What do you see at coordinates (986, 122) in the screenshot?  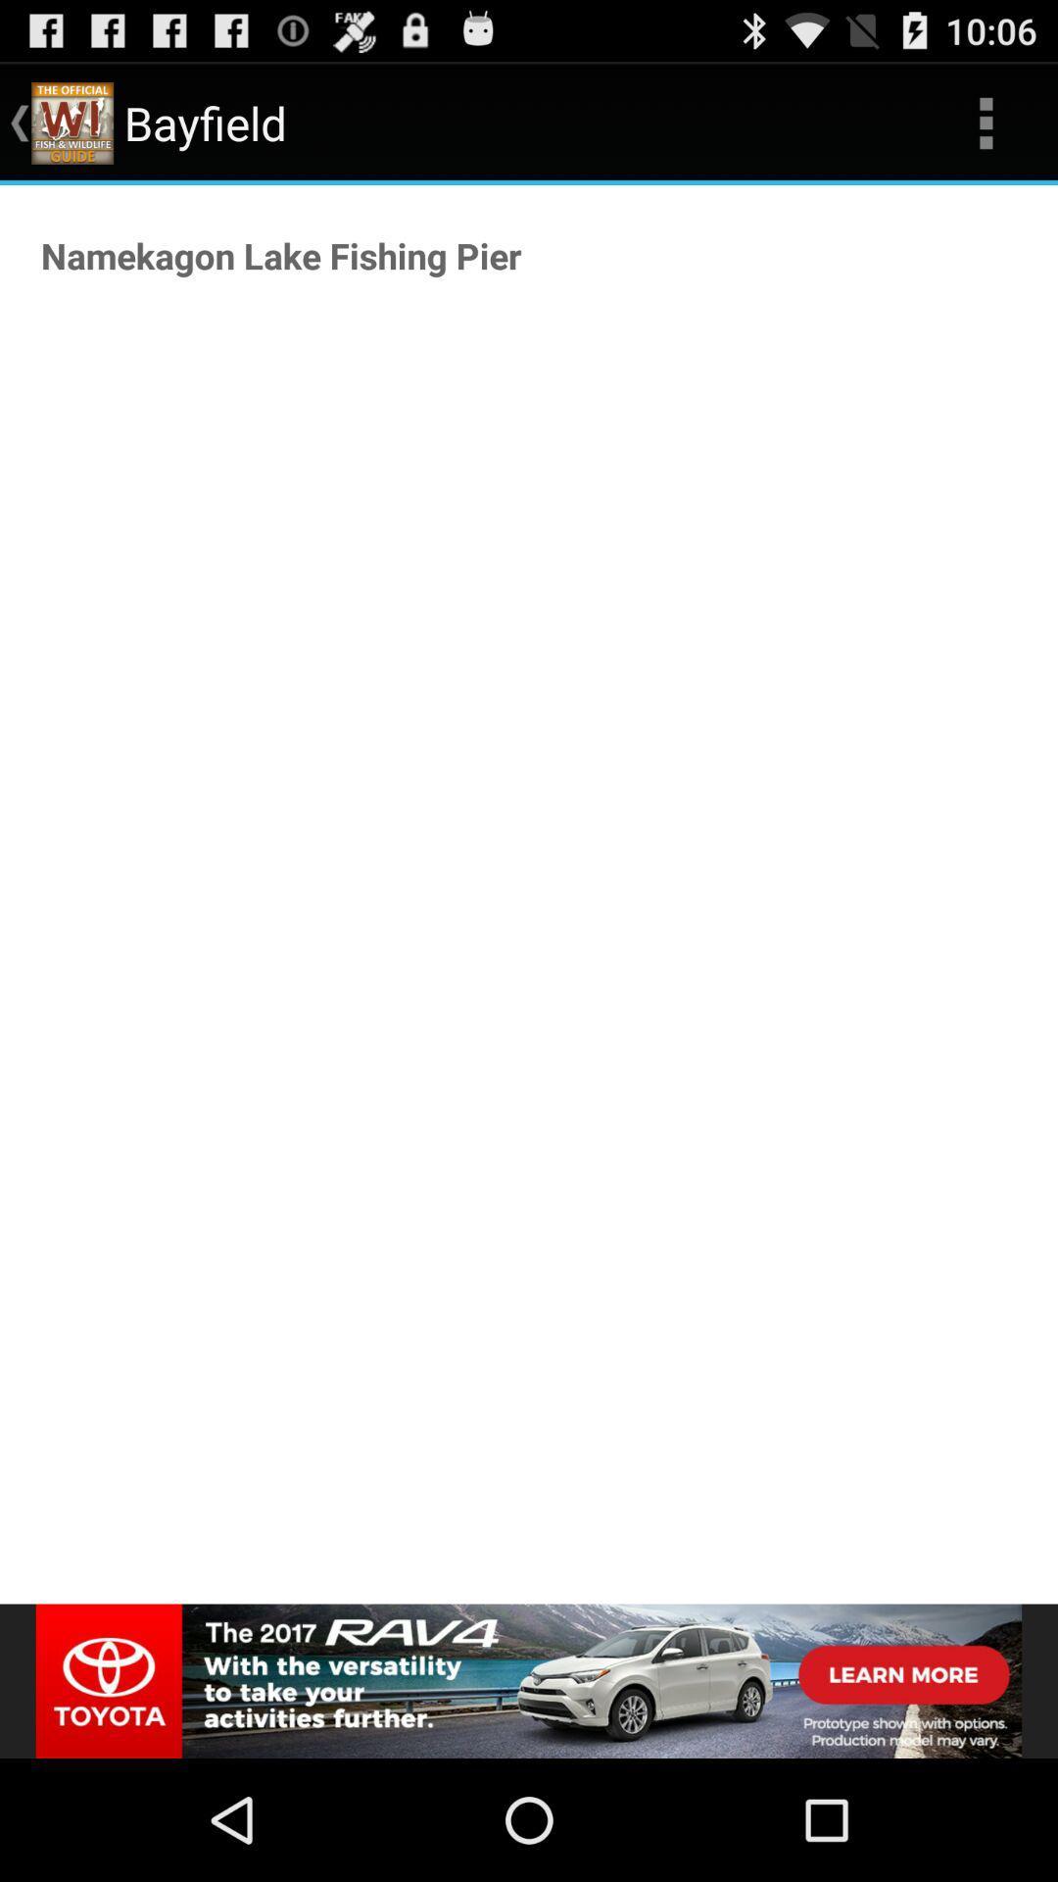 I see `the item at the top right corner` at bounding box center [986, 122].